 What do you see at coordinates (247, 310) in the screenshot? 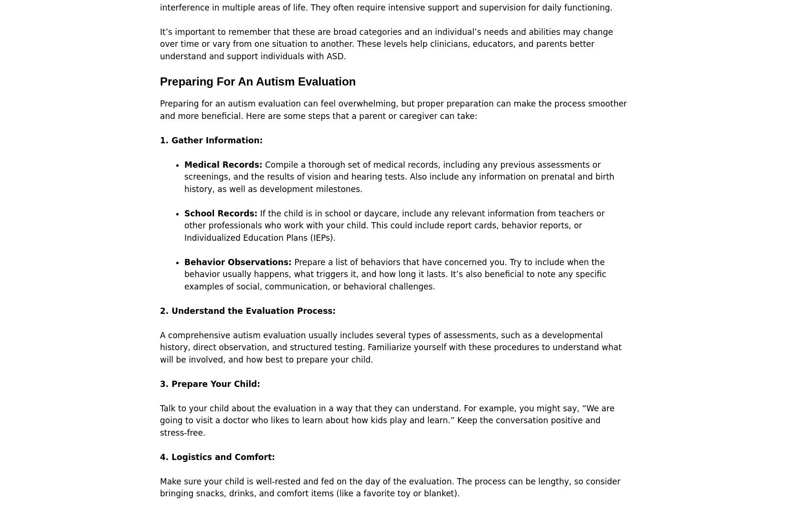
I see `'2. Understand the Evaluation Process:'` at bounding box center [247, 310].